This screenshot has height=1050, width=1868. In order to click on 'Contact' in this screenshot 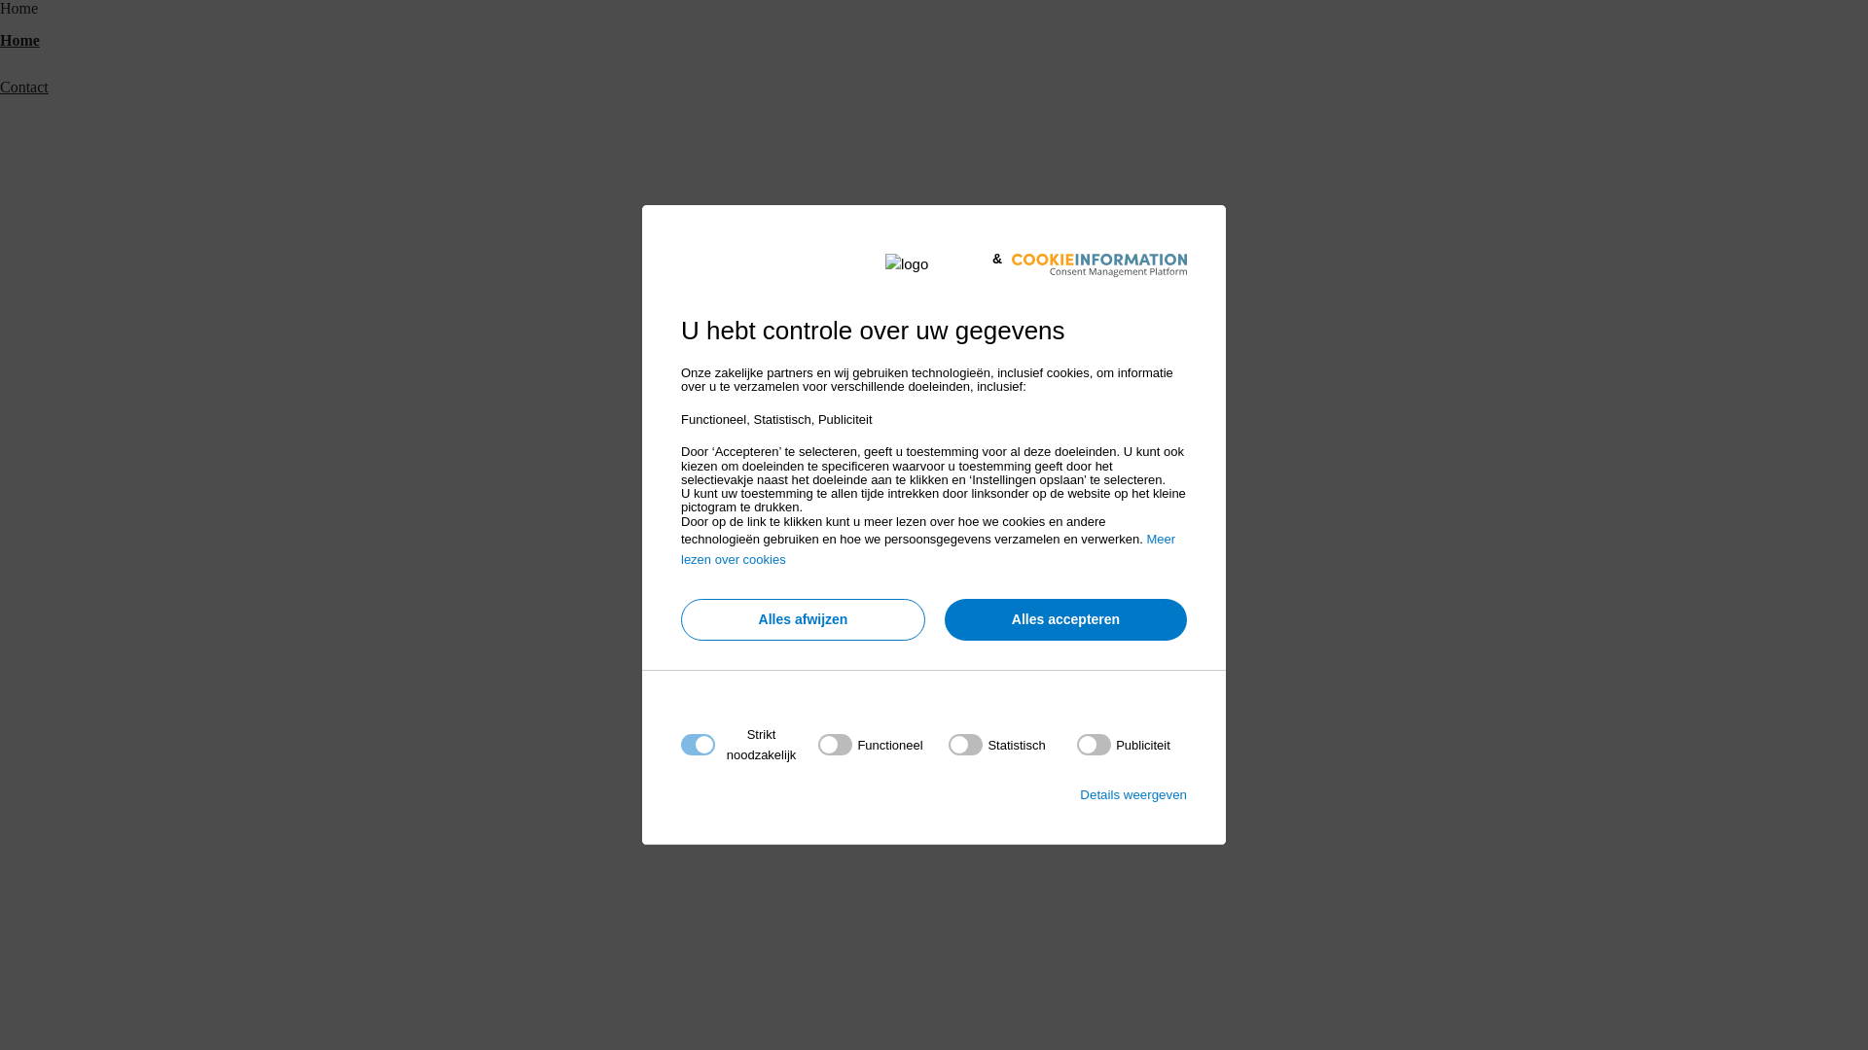, I will do `click(23, 86)`.